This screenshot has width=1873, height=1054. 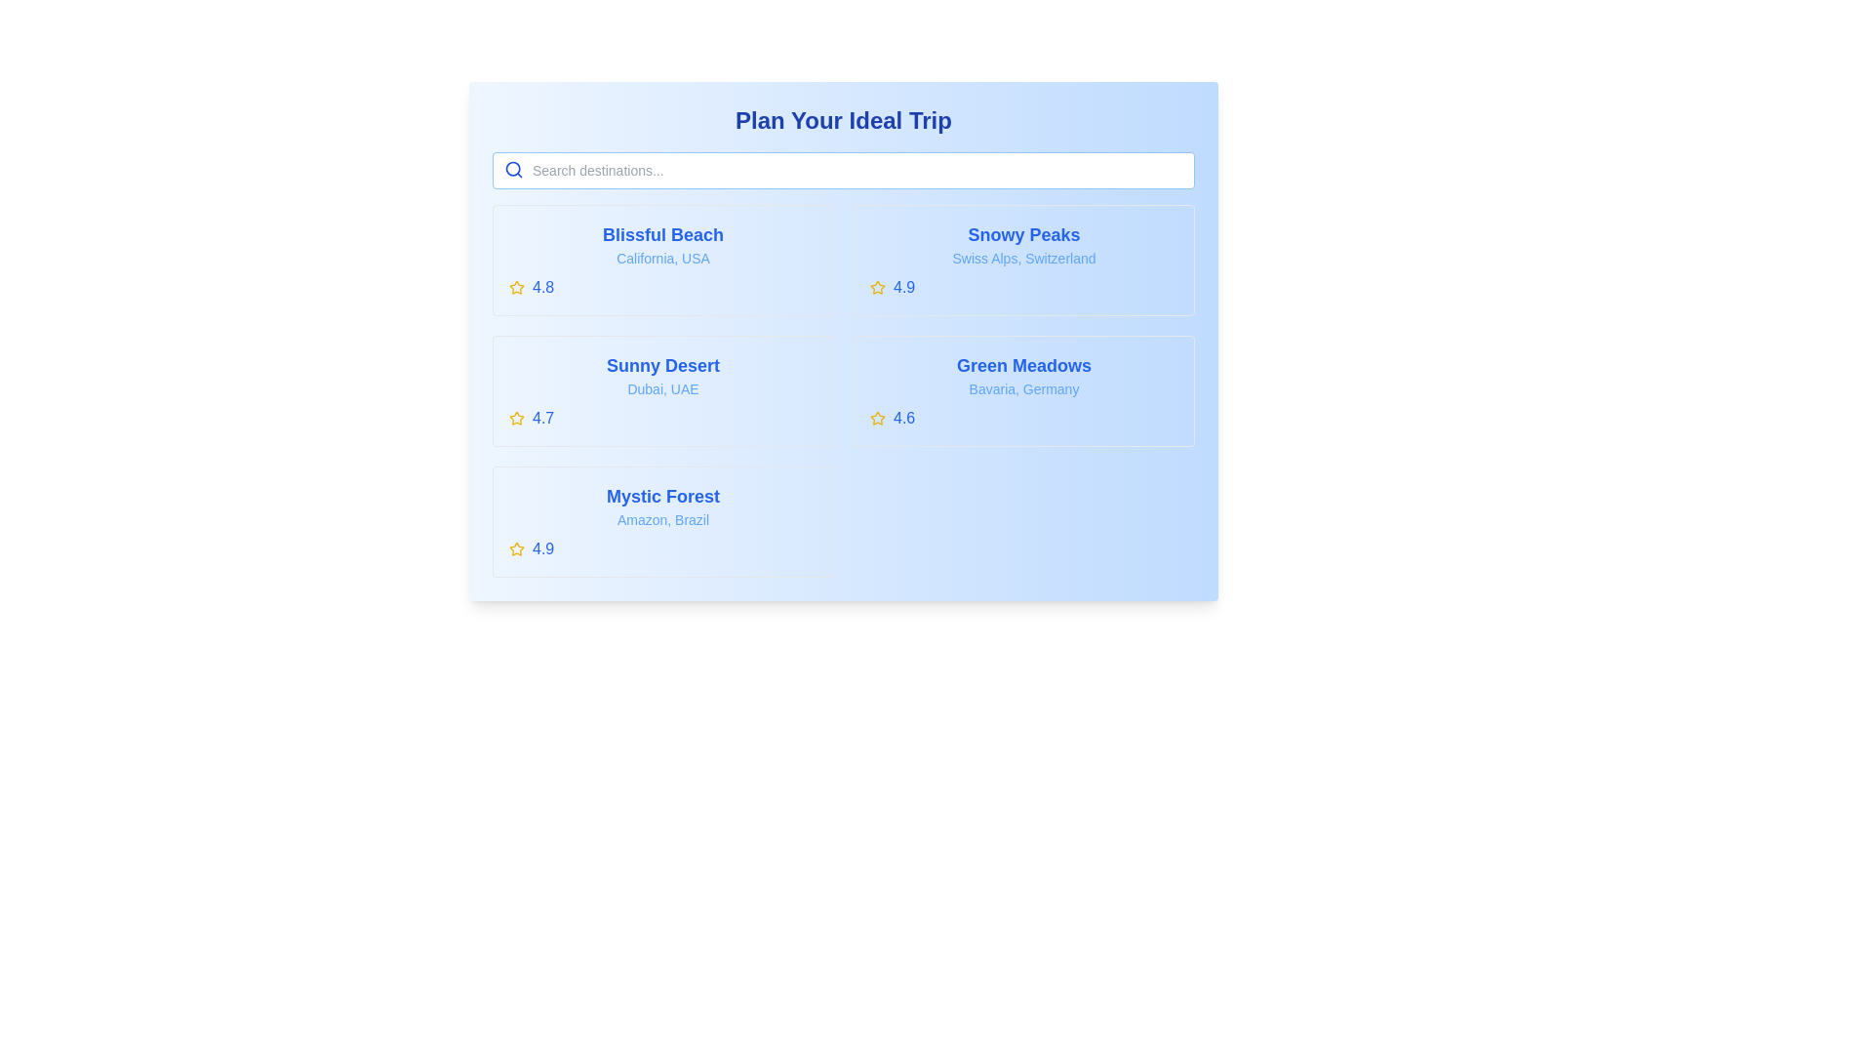 I want to click on the star icon representing the rating feature for the 'Sunny Desert, Dubai, UAE' card, located on the left side of the second row in the grid arrangement, so click(x=516, y=417).